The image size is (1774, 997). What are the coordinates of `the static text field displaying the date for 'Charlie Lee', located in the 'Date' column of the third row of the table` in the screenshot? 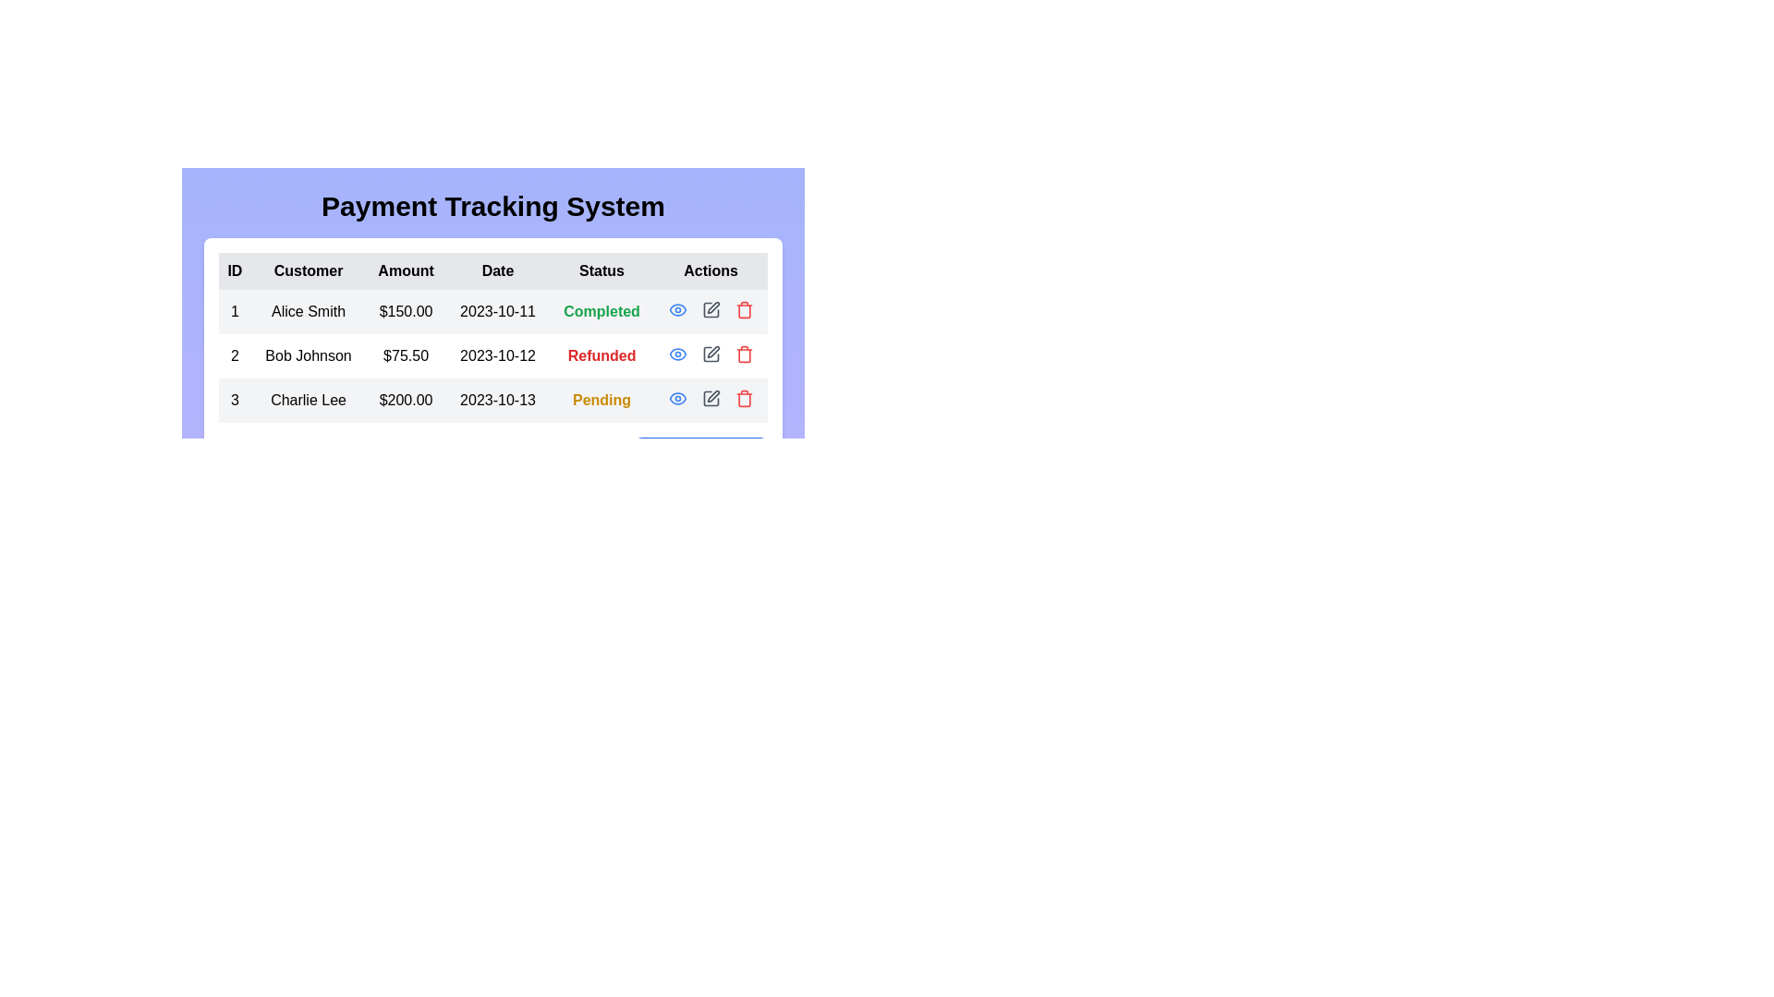 It's located at (497, 400).